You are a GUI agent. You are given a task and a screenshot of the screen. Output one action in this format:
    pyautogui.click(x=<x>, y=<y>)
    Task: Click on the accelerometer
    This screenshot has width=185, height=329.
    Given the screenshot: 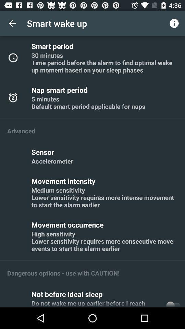 What is the action you would take?
    pyautogui.click(x=52, y=161)
    